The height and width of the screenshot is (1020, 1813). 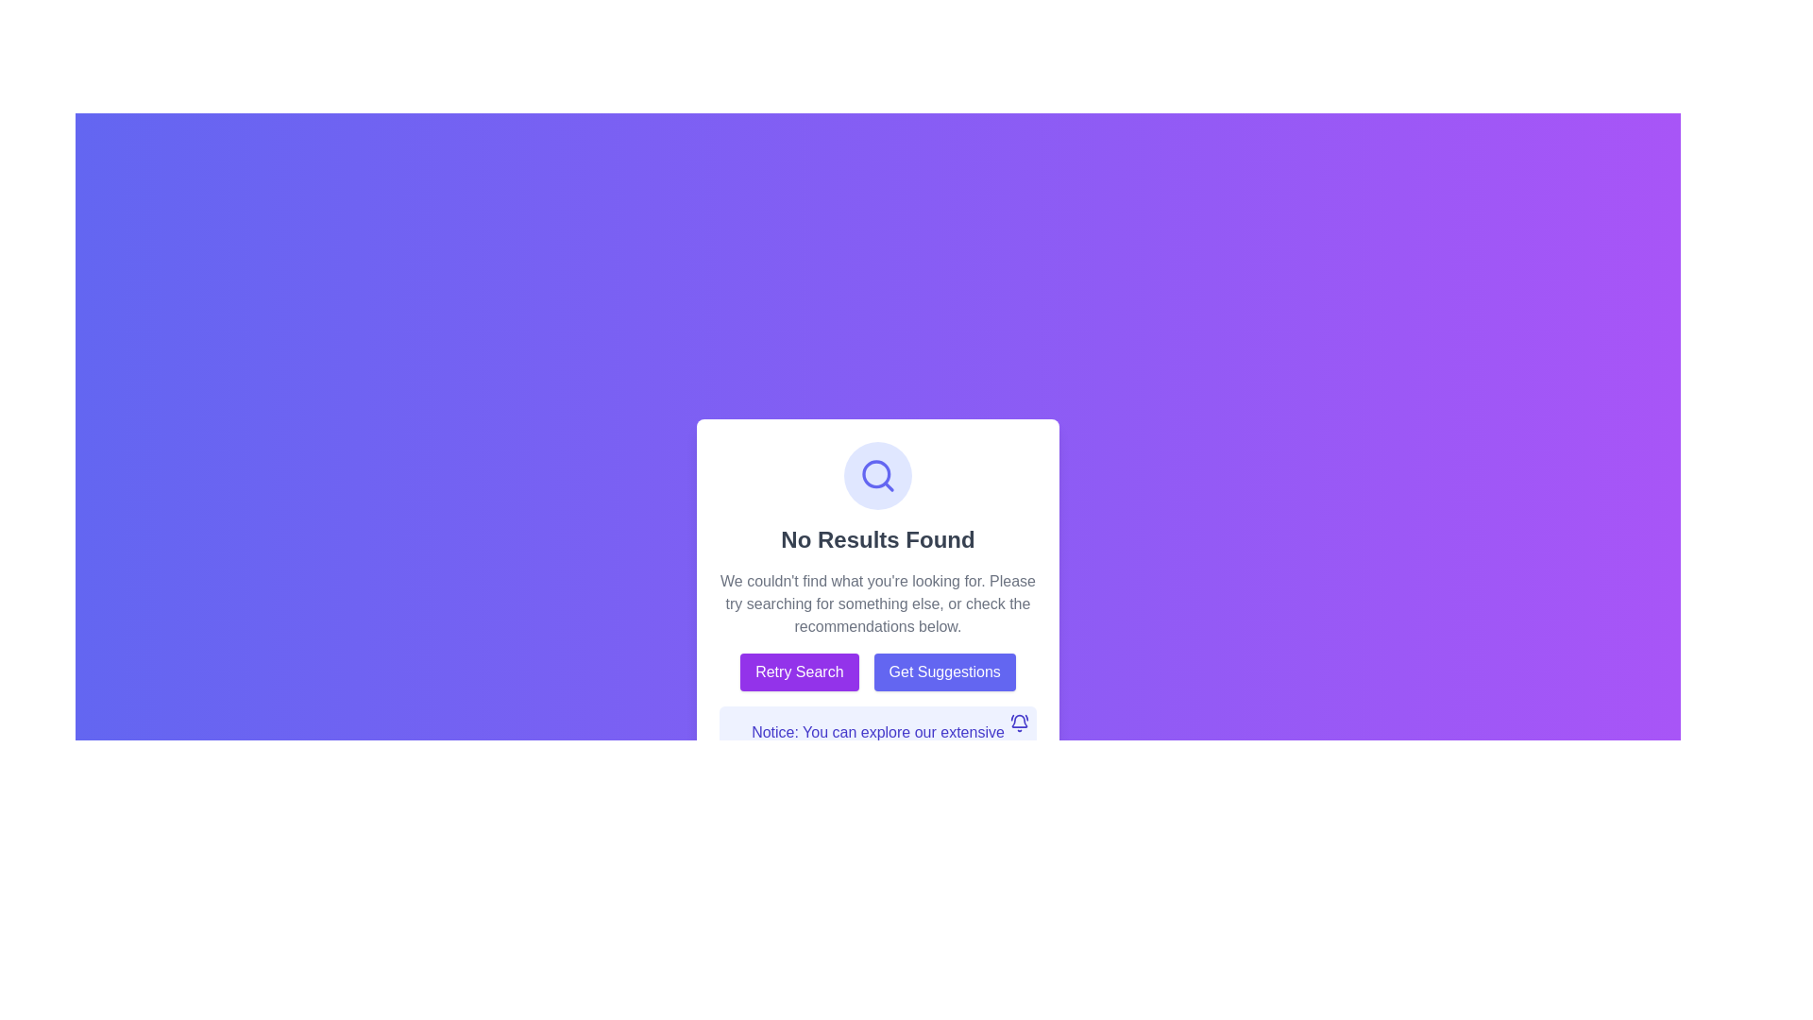 I want to click on the notification bell icon, which is a prominent indigo-colored bell located in the top-right corner of a light-indigo notice box at the bottom of the central card, so click(x=1019, y=722).